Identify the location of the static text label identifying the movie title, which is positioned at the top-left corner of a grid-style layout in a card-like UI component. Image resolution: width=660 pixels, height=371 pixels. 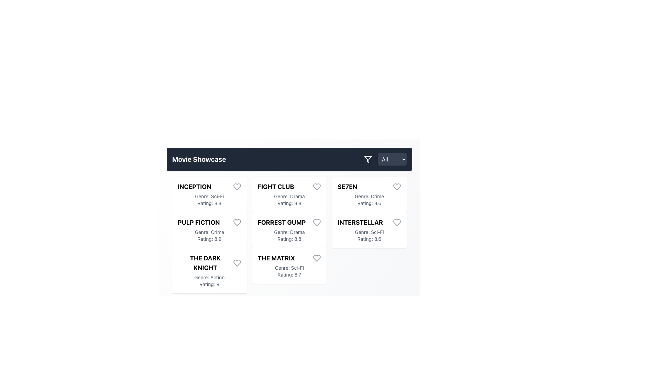
(194, 187).